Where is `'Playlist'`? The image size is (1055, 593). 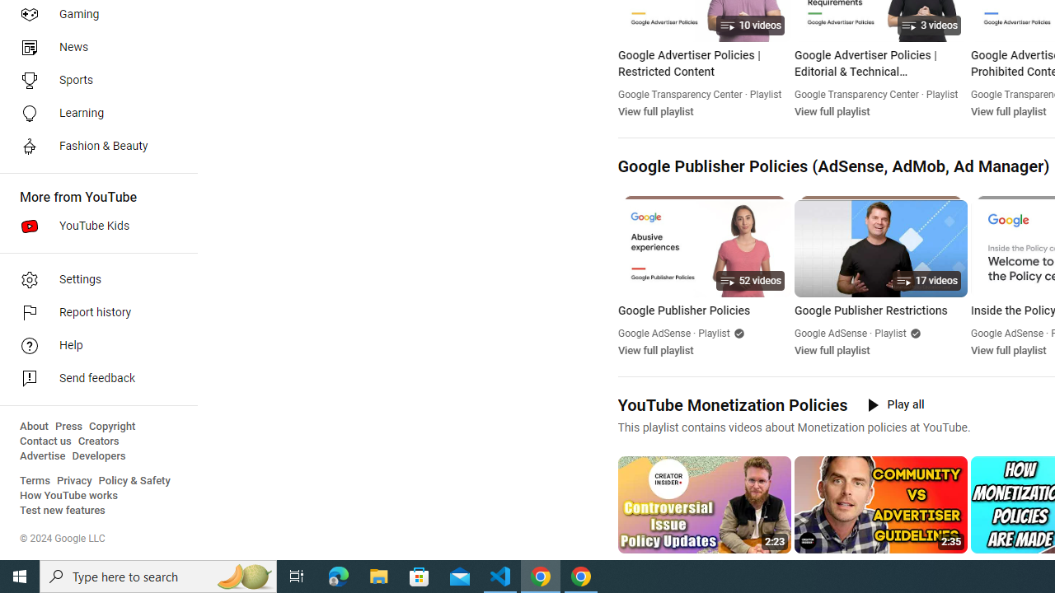 'Playlist' is located at coordinates (889, 334).